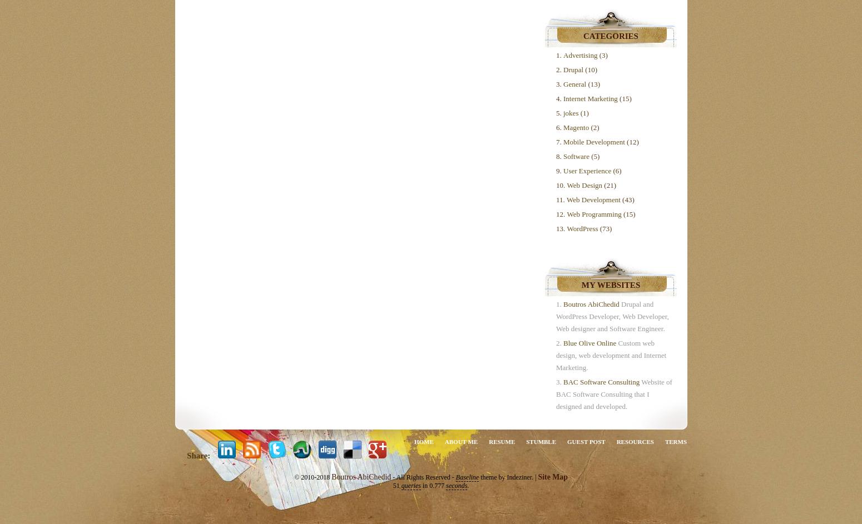  I want to click on 'Drupal and WordPress Developer, Web Developer, Web designer and Software Engineer.', so click(556, 316).